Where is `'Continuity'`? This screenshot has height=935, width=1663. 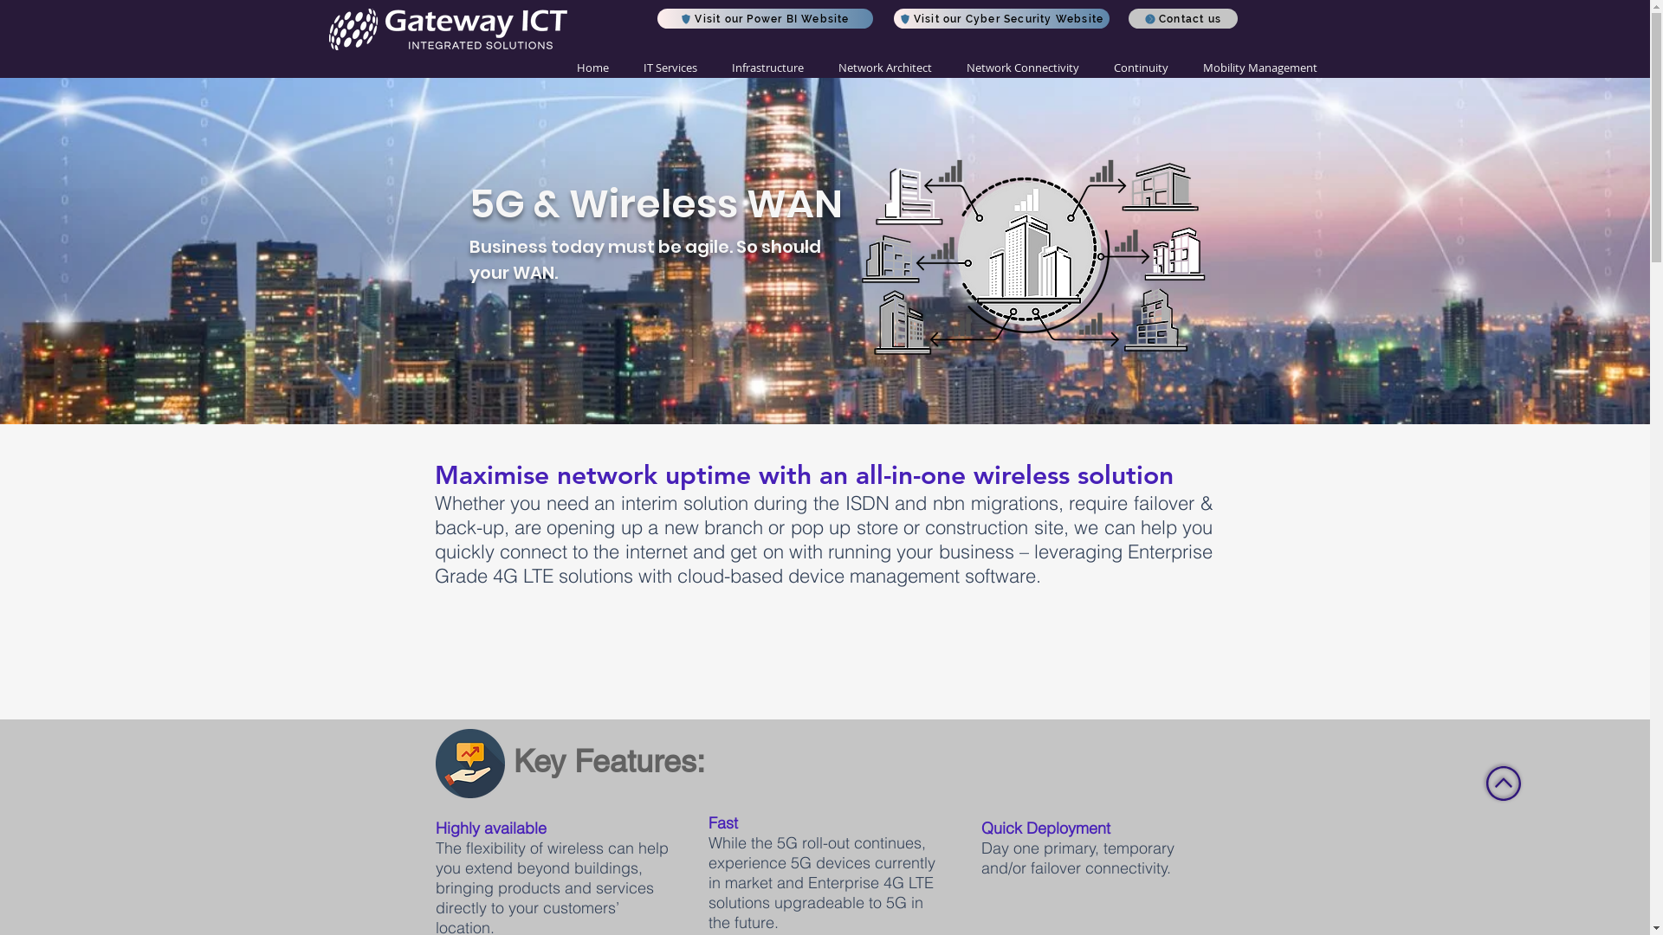 'Continuity' is located at coordinates (1141, 67).